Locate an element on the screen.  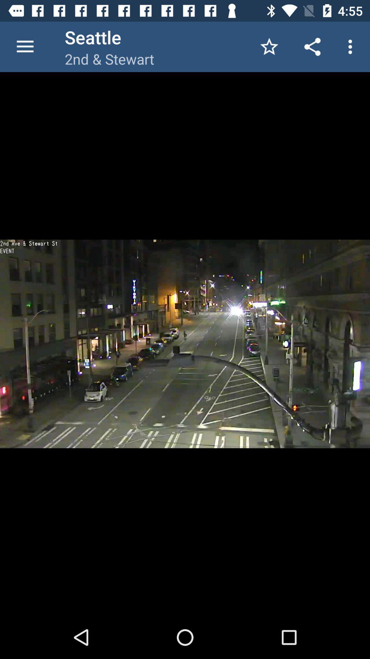
item to the left of the seattle item is located at coordinates (25, 46).